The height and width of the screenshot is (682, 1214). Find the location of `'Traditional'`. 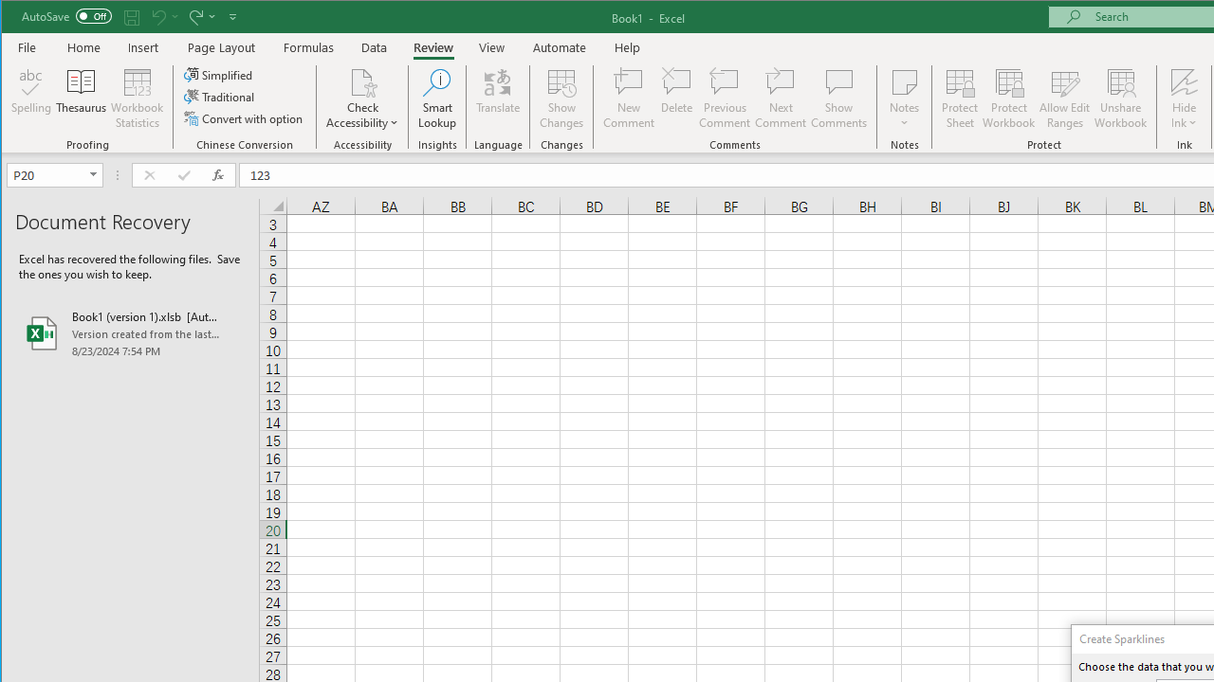

'Traditional' is located at coordinates (220, 97).